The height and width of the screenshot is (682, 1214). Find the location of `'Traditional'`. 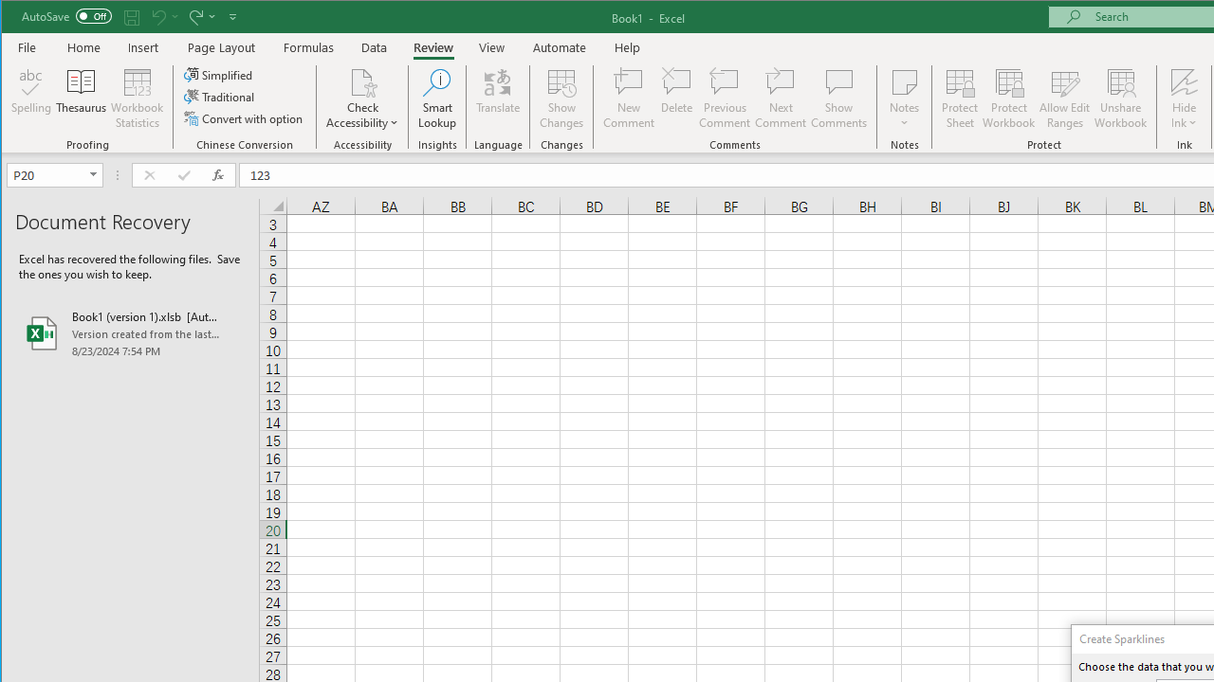

'Traditional' is located at coordinates (220, 97).